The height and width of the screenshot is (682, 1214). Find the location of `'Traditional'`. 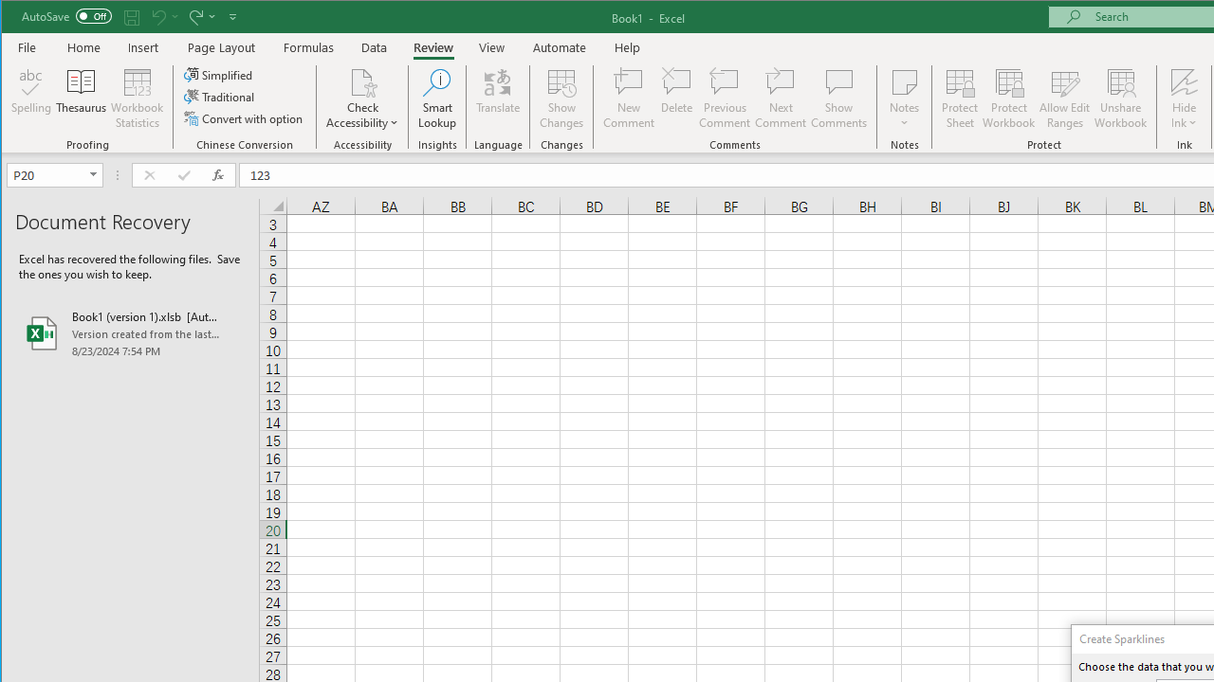

'Traditional' is located at coordinates (220, 97).